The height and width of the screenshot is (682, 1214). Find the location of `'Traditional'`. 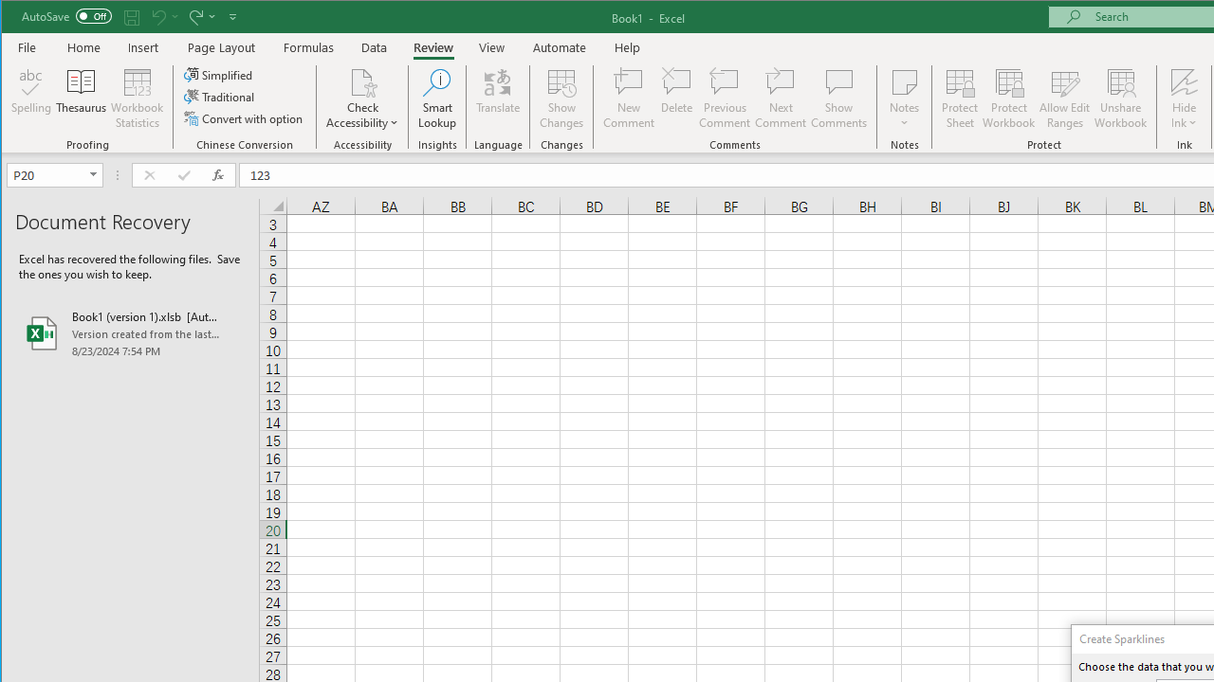

'Traditional' is located at coordinates (220, 97).